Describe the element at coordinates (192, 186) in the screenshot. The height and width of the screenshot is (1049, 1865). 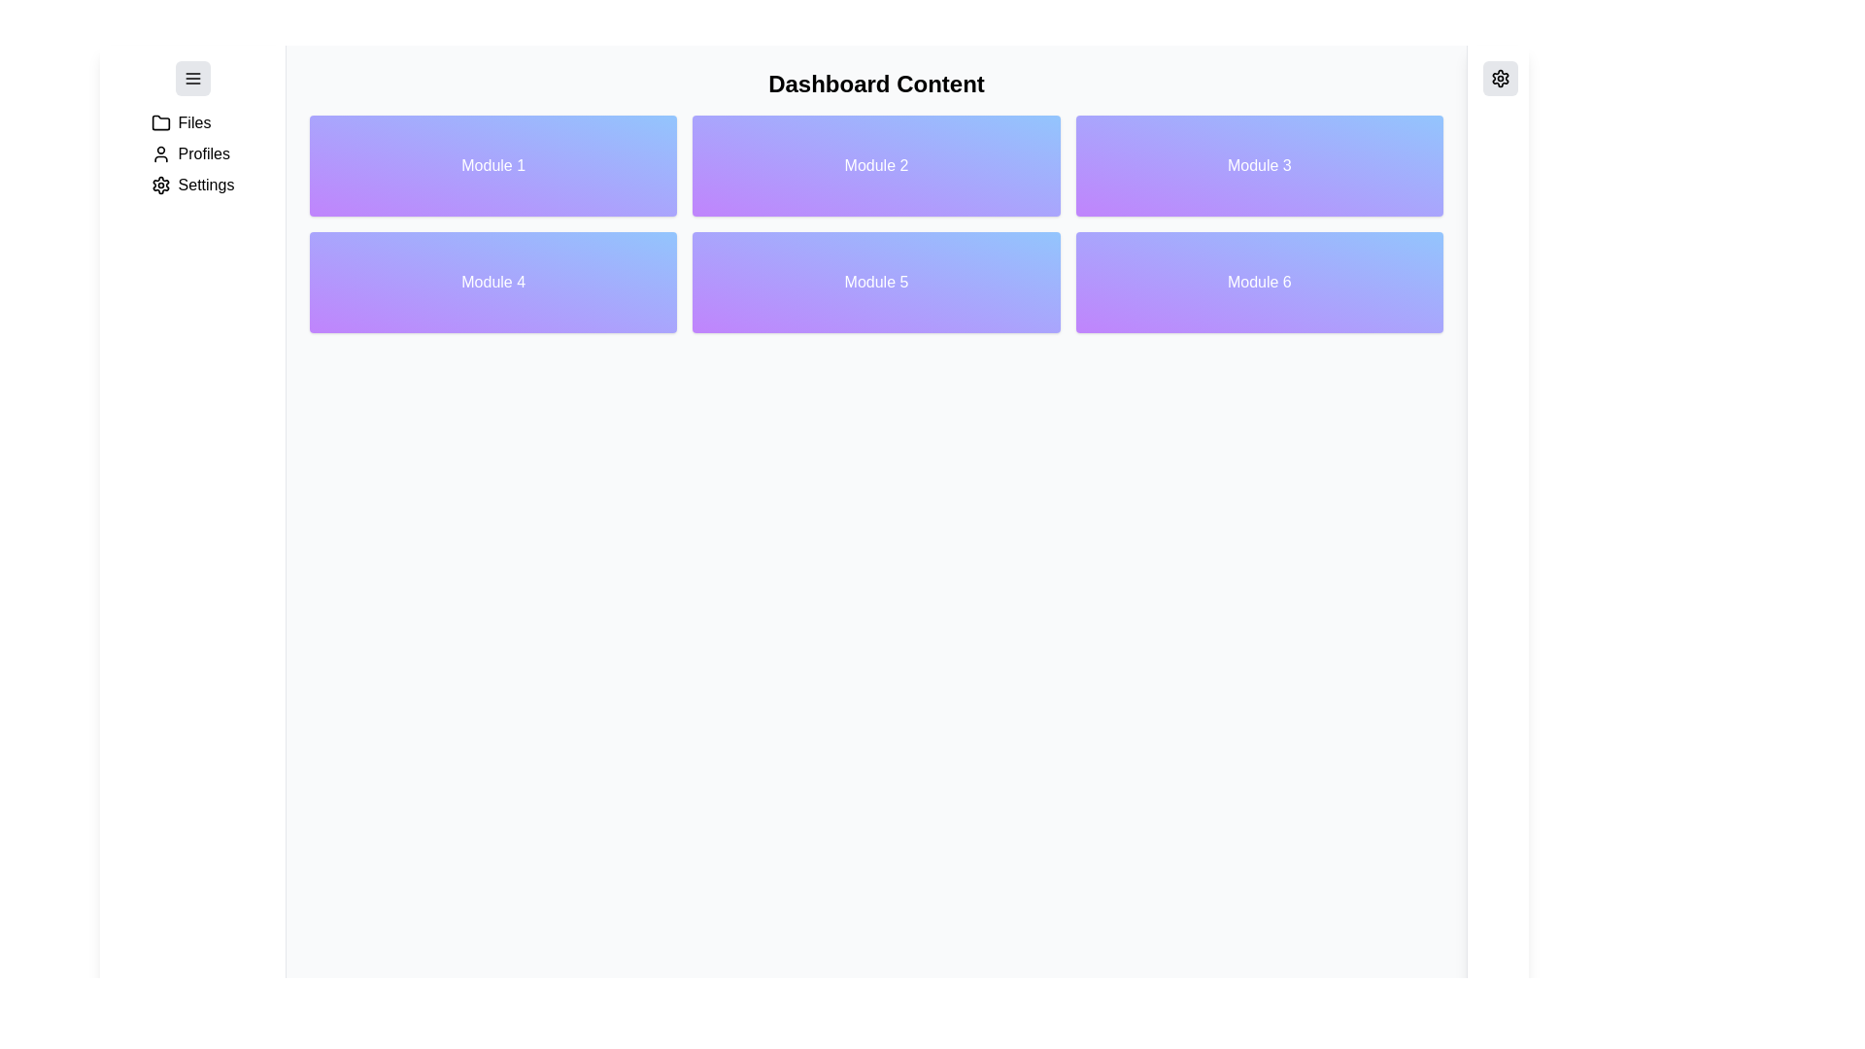
I see `the settings menu button located in the sidebar, which is the third entry in a vertical list after 'Files' and 'Profiles'` at that location.